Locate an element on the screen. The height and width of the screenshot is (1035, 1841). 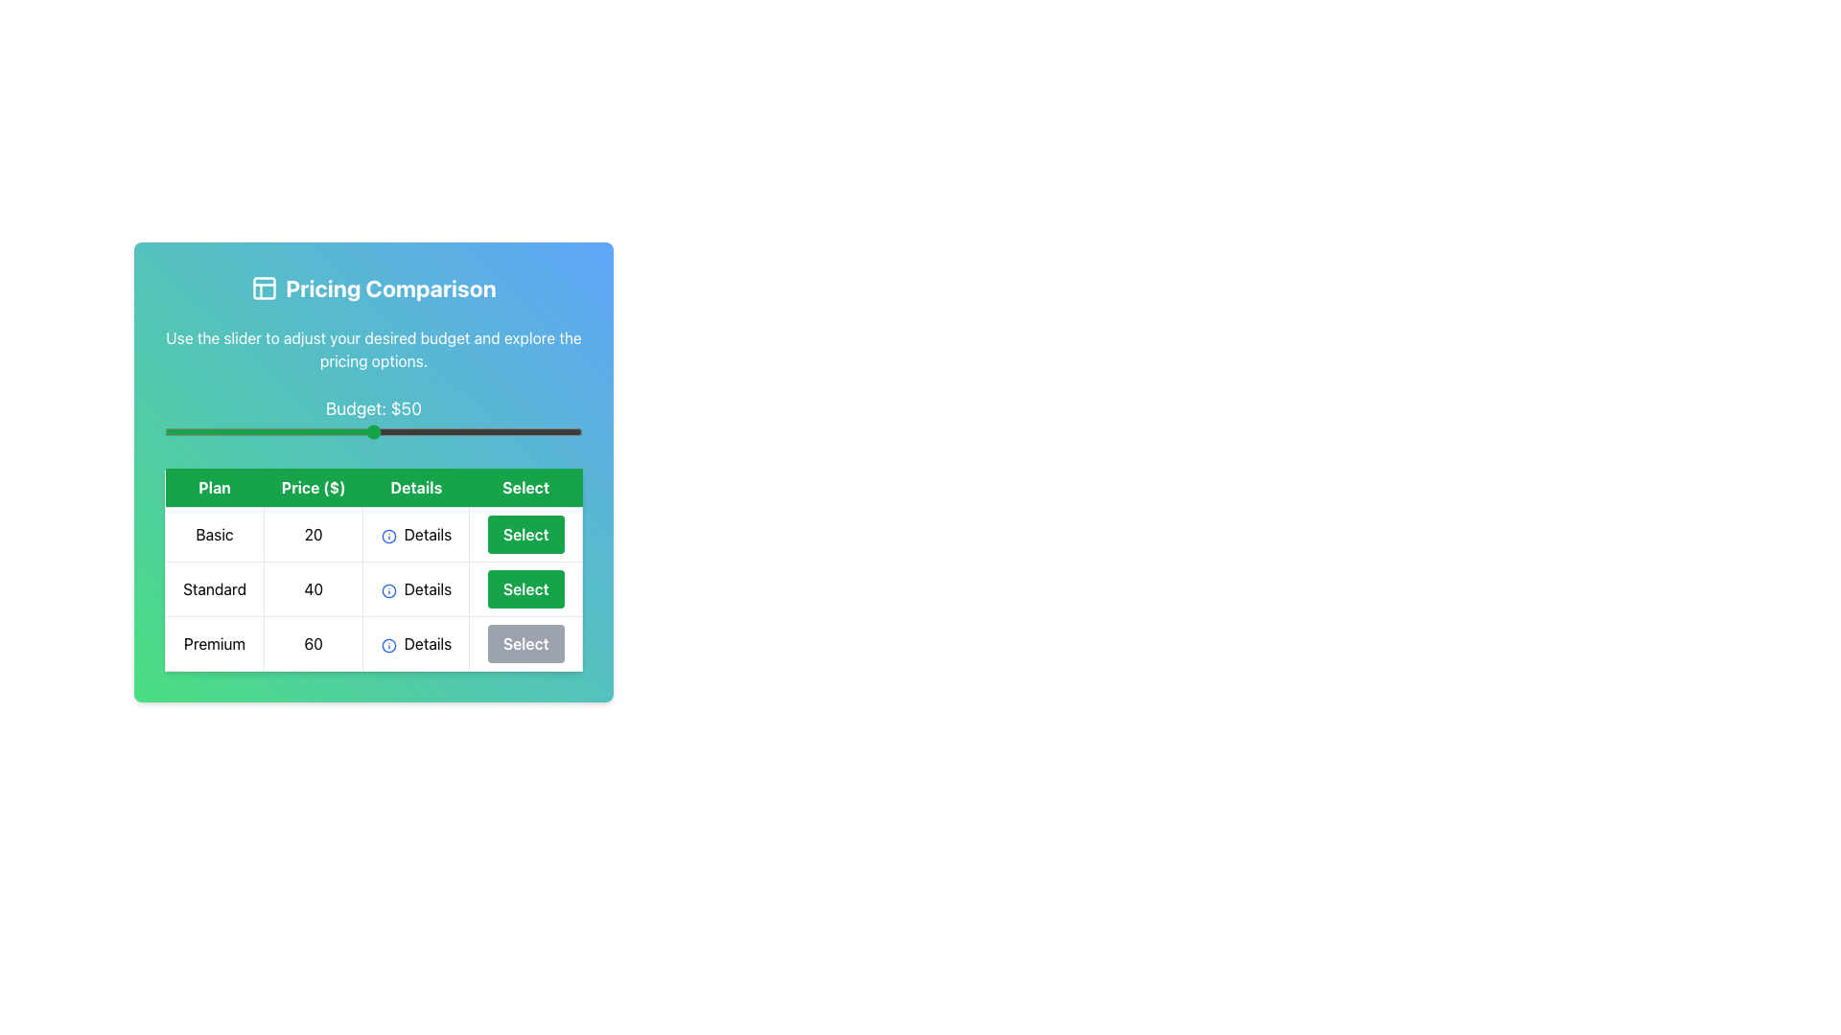
the 'Select' button with a green background and white bold text located in the pricing comparison table is located at coordinates (525, 587).